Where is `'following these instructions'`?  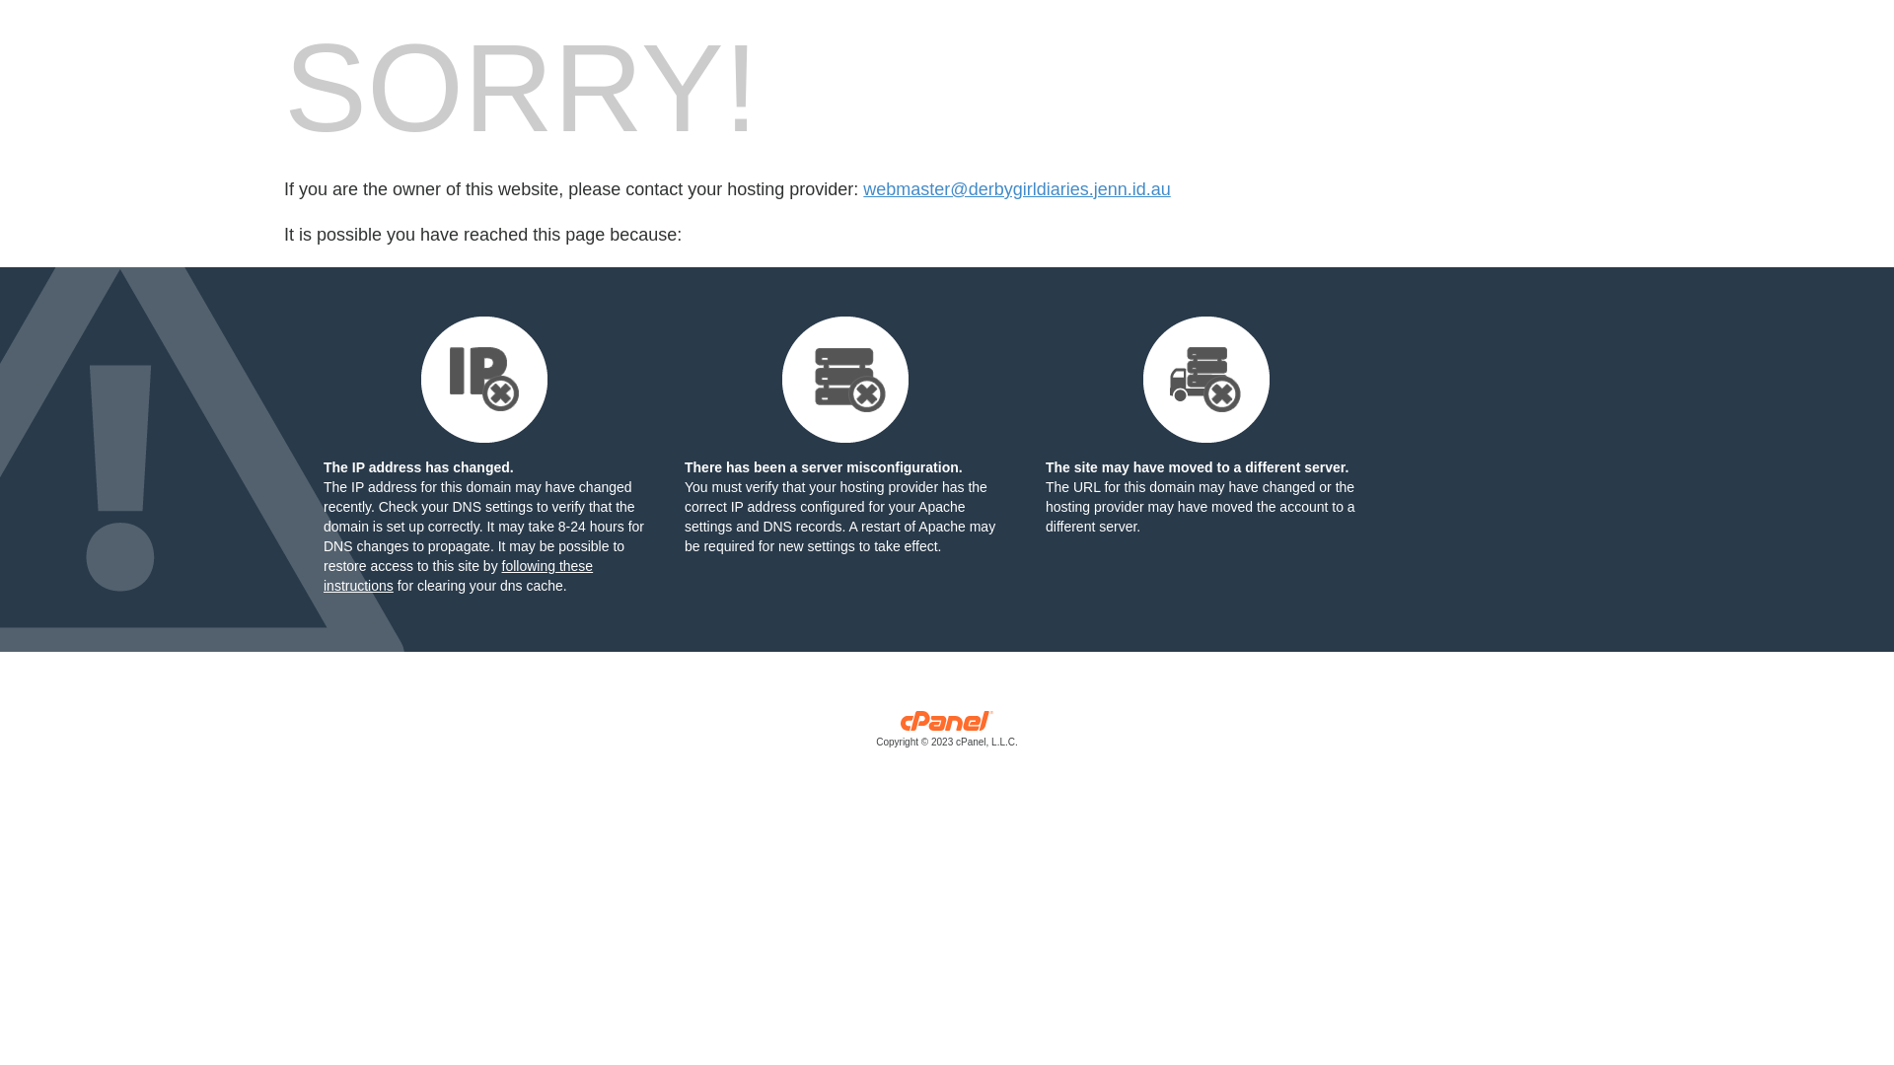 'following these instructions' is located at coordinates (457, 575).